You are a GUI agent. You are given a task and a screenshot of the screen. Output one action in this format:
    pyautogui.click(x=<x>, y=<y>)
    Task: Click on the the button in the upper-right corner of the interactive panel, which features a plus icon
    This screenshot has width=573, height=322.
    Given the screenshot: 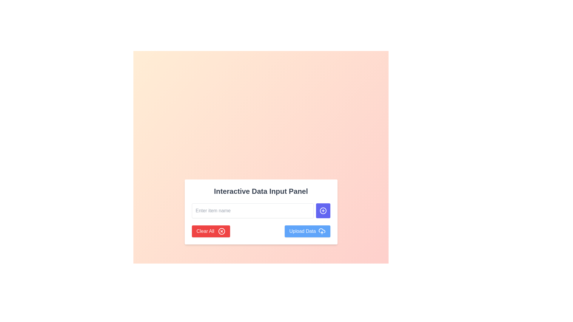 What is the action you would take?
    pyautogui.click(x=323, y=210)
    